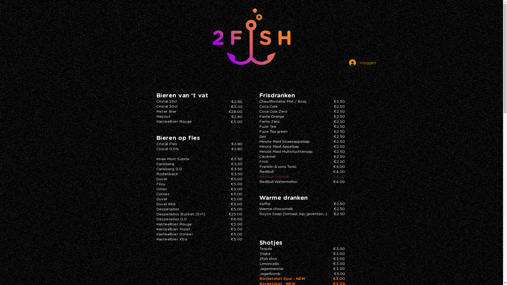 This screenshot has height=285, width=507. Describe the element at coordinates (345, 63) in the screenshot. I see `'Inloggen'` at that location.